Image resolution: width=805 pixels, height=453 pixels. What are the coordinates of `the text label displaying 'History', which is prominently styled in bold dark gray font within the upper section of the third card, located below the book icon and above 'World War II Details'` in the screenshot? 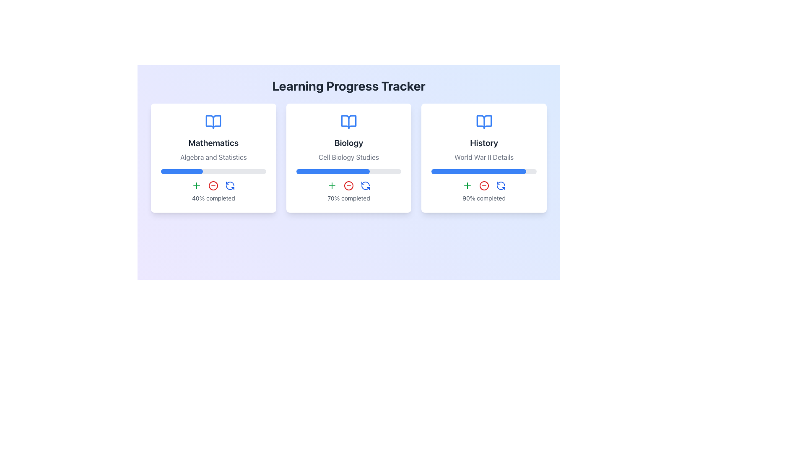 It's located at (484, 142).